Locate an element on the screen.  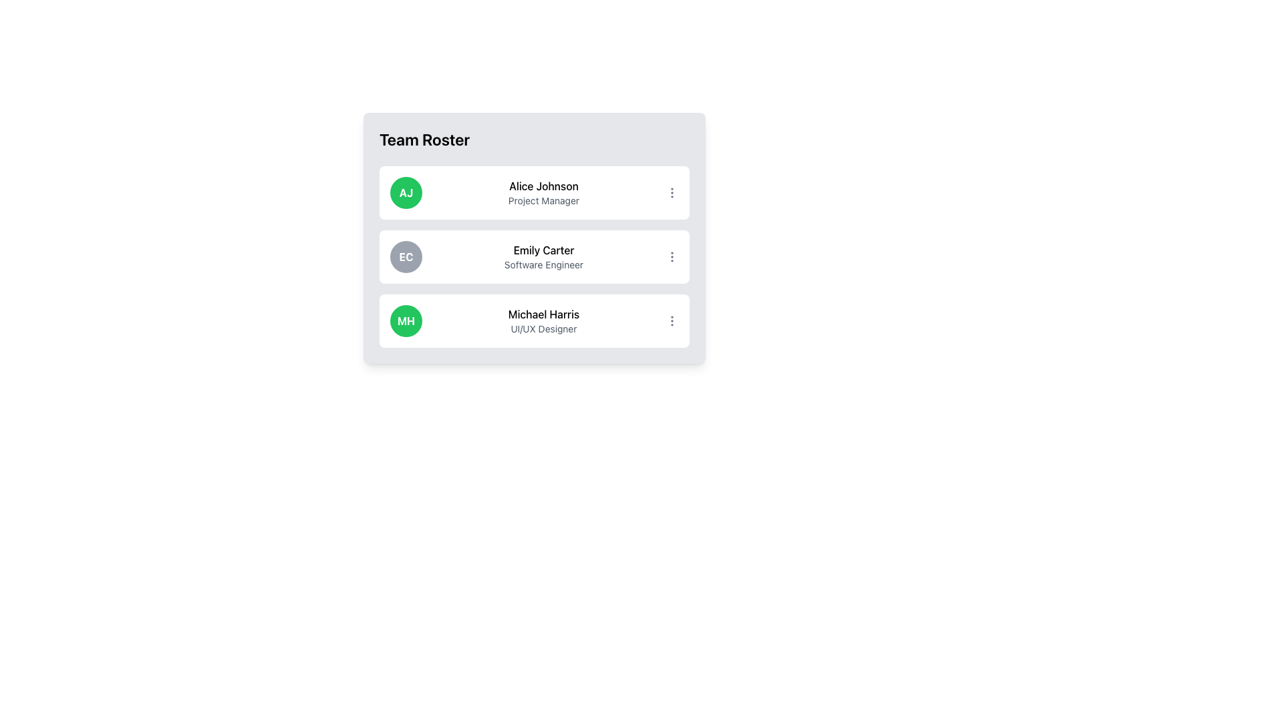
the profile card for the individual in the team roster located below 'Emily Carter' and 'Alice Johnson' is located at coordinates (535, 321).